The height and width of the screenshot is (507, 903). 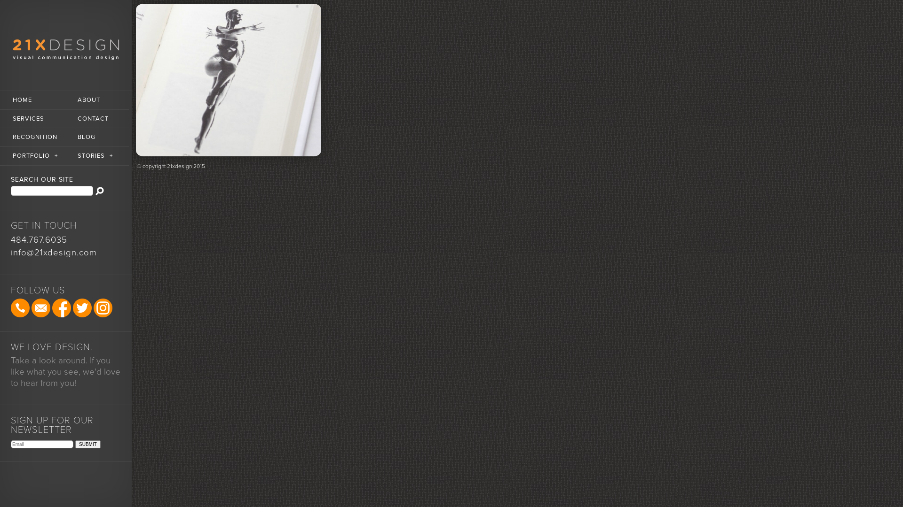 What do you see at coordinates (96, 138) in the screenshot?
I see `'BLOG'` at bounding box center [96, 138].